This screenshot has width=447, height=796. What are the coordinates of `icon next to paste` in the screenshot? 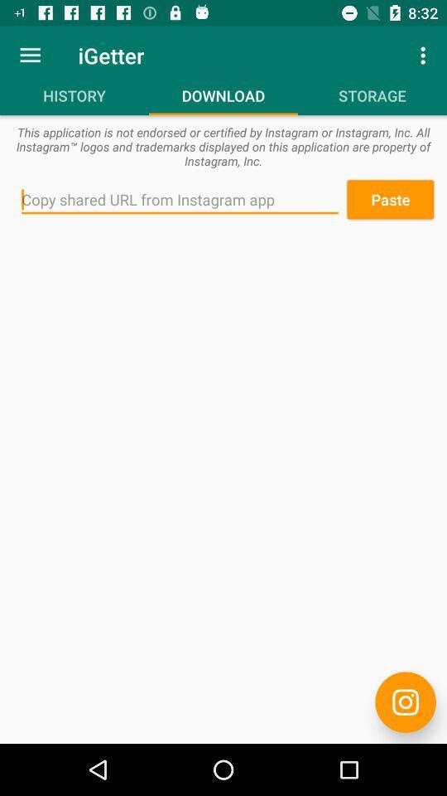 It's located at (179, 199).